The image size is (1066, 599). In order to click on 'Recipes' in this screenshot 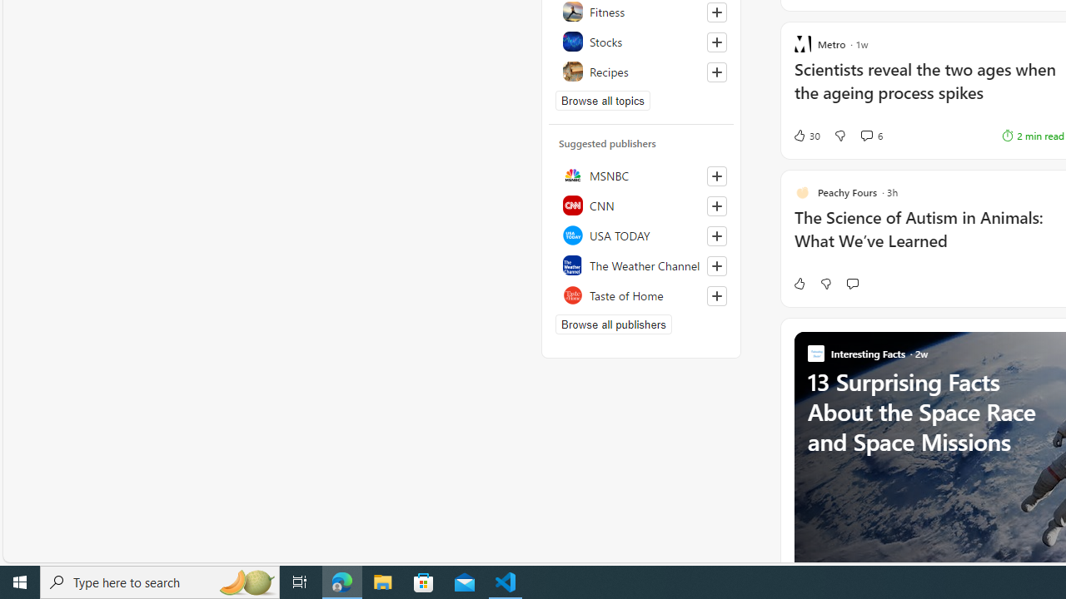, I will do `click(640, 71)`.